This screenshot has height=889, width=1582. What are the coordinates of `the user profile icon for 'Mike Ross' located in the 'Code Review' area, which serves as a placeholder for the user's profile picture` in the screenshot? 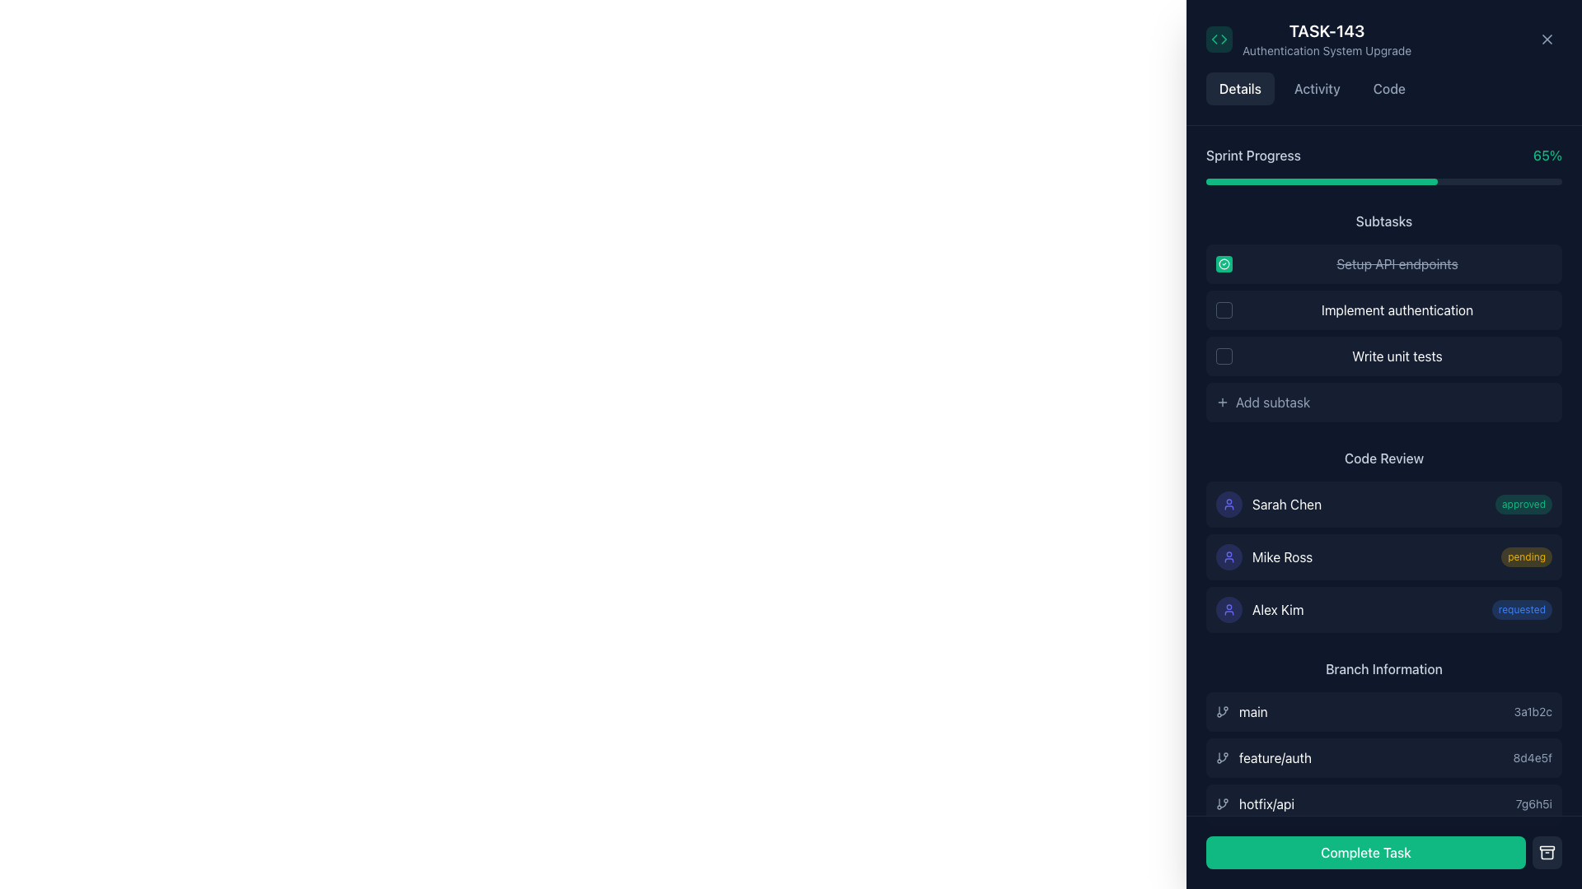 It's located at (1229, 556).